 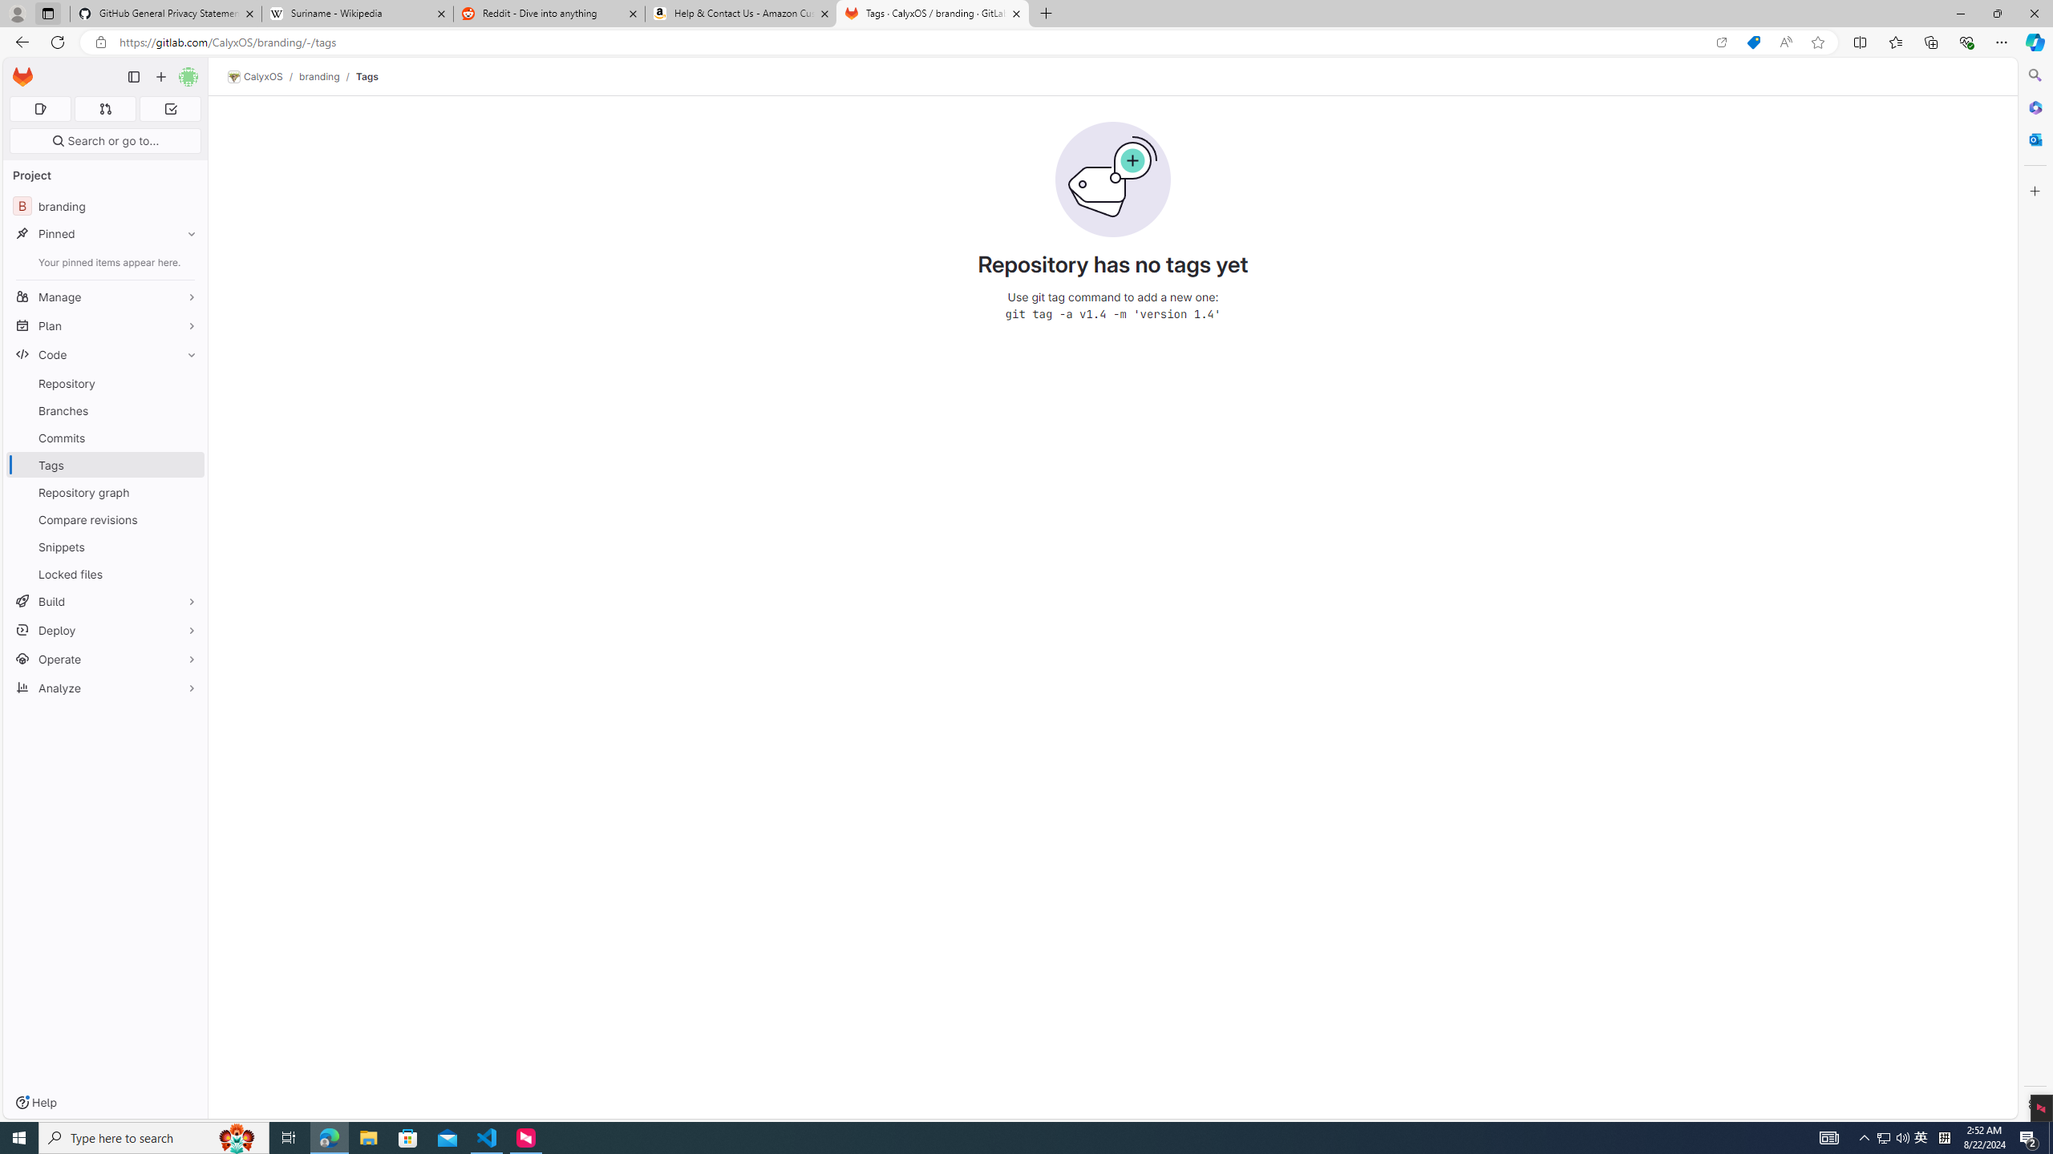 I want to click on 'Plan', so click(x=104, y=325).